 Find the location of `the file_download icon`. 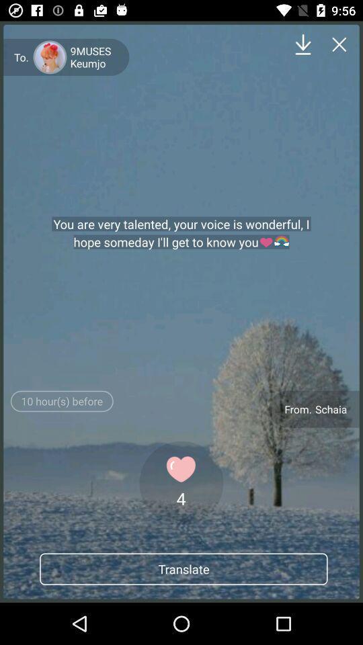

the file_download icon is located at coordinates (303, 44).